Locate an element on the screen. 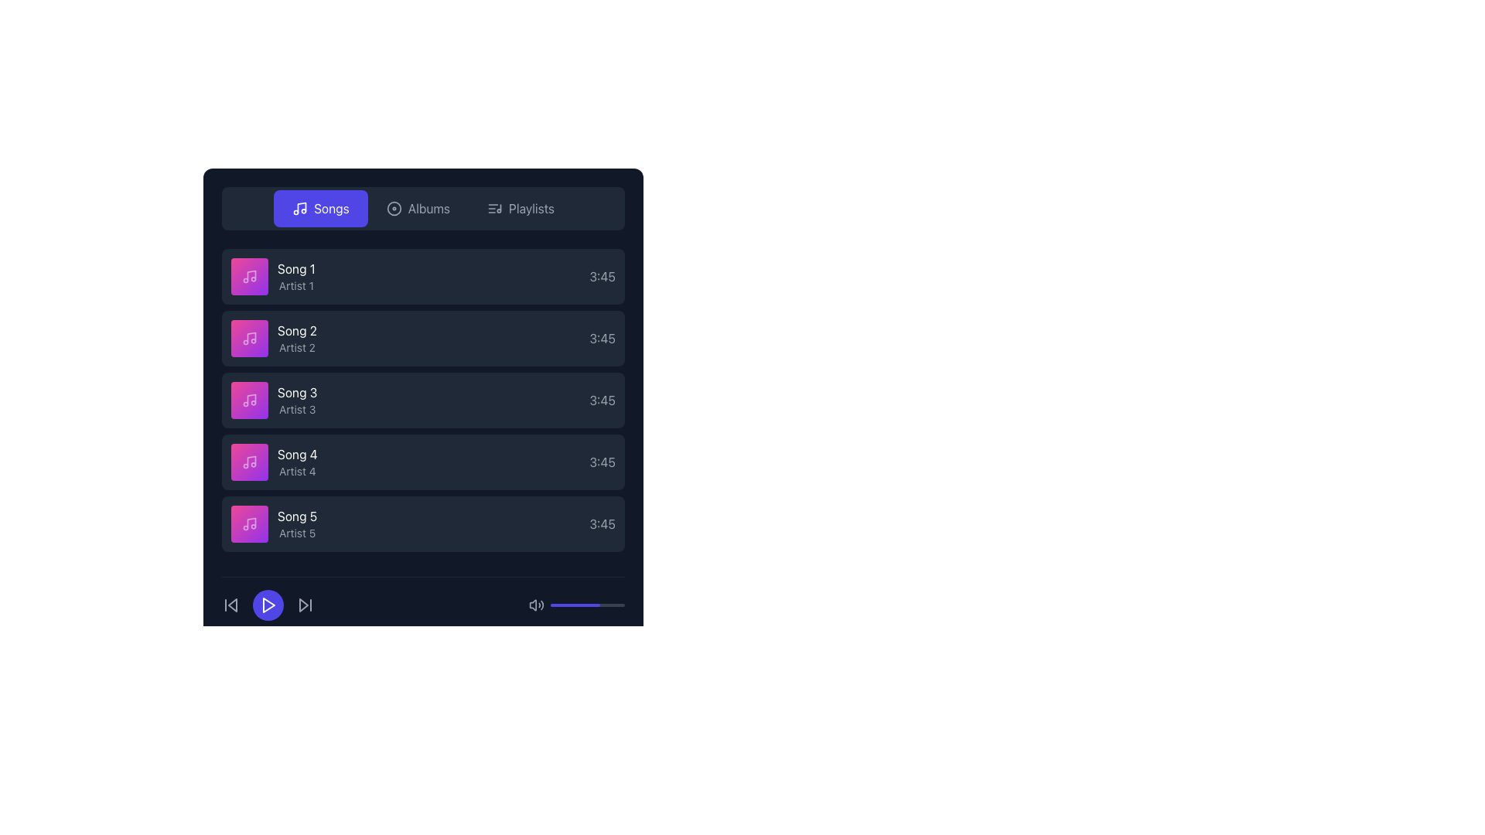 The width and height of the screenshot is (1485, 835). the 'Albums' button in the navigation bar, which features the text 'Albums' and a disc icon is located at coordinates (418, 209).